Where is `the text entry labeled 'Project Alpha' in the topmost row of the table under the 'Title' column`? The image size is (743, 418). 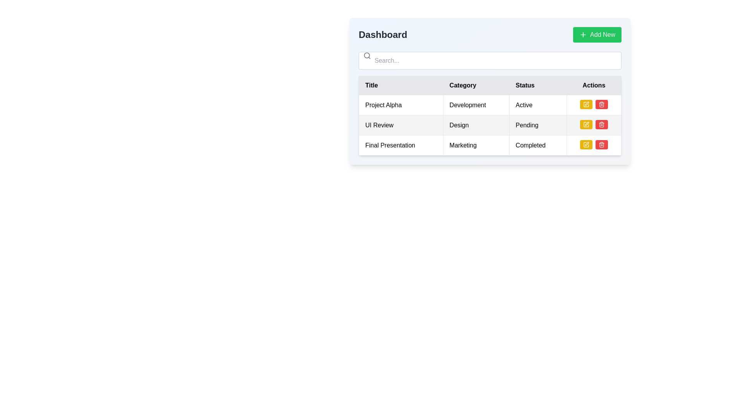
the text entry labeled 'Project Alpha' in the topmost row of the table under the 'Title' column is located at coordinates (401, 105).